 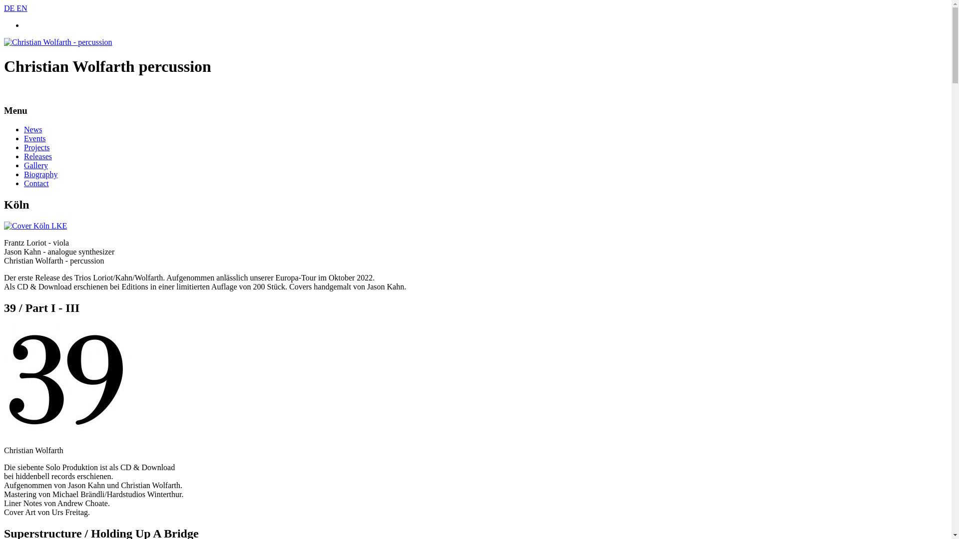 What do you see at coordinates (21, 8) in the screenshot?
I see `'EN'` at bounding box center [21, 8].